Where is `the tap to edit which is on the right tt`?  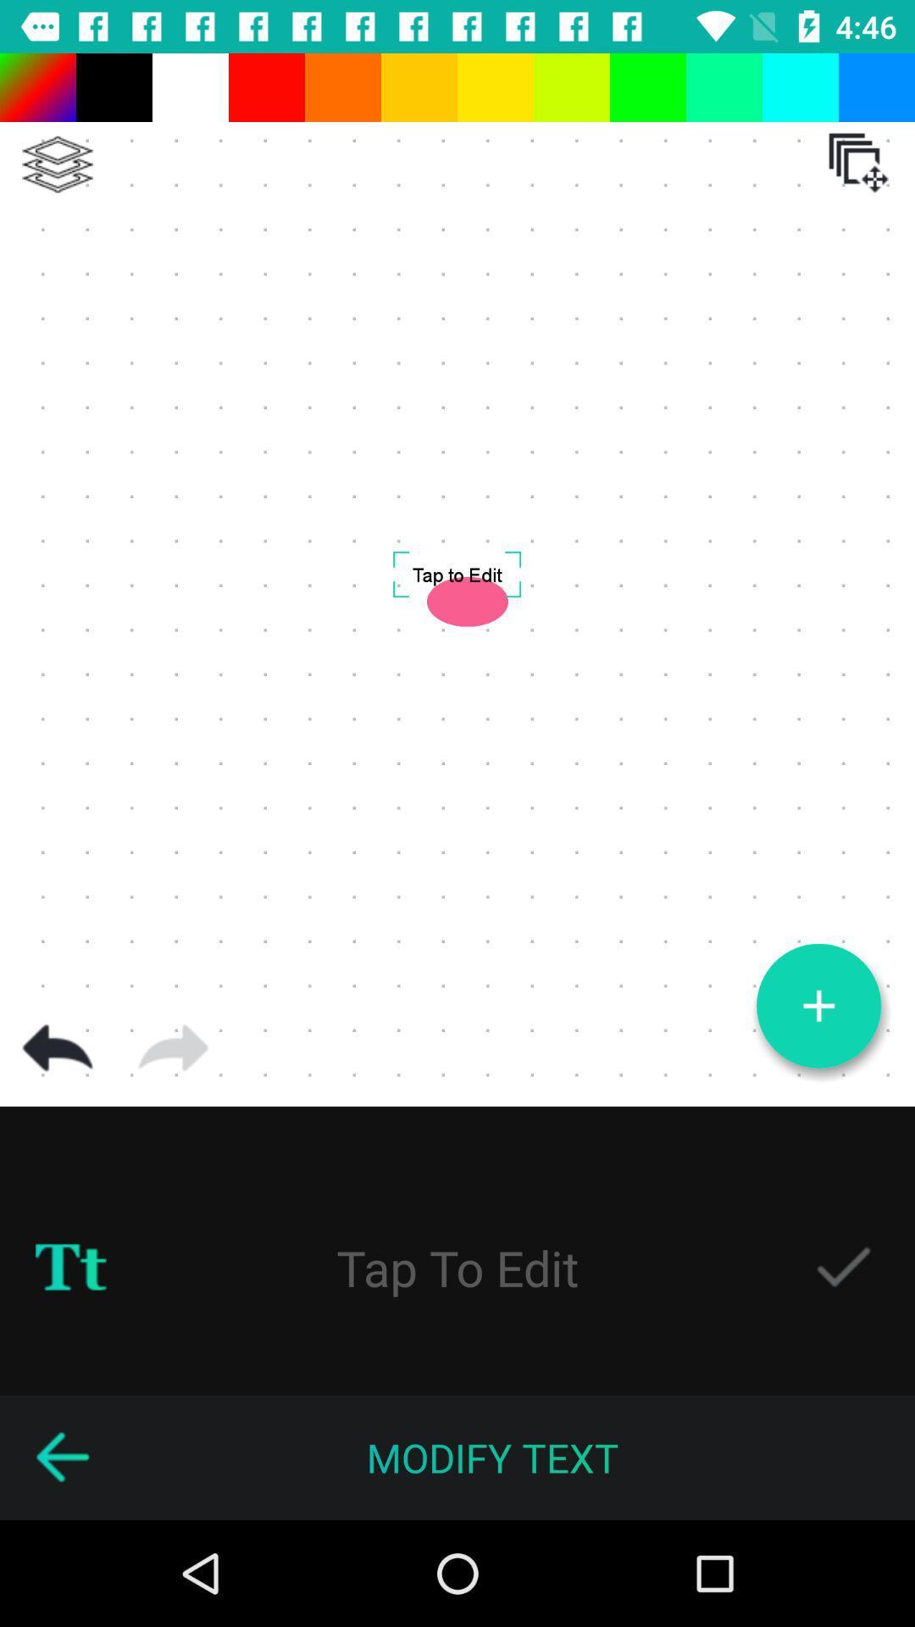 the tap to edit which is on the right tt is located at coordinates (457, 1268).